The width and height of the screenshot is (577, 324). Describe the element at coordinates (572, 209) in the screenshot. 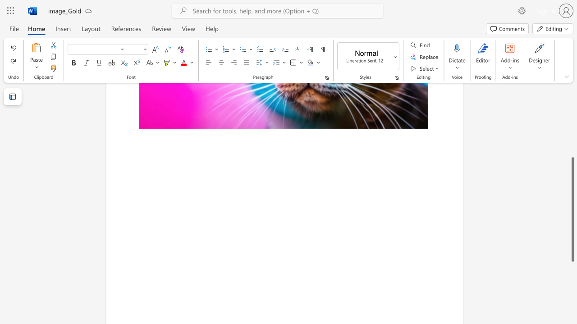

I see `the scrollbar and move up 270 pixels` at that location.